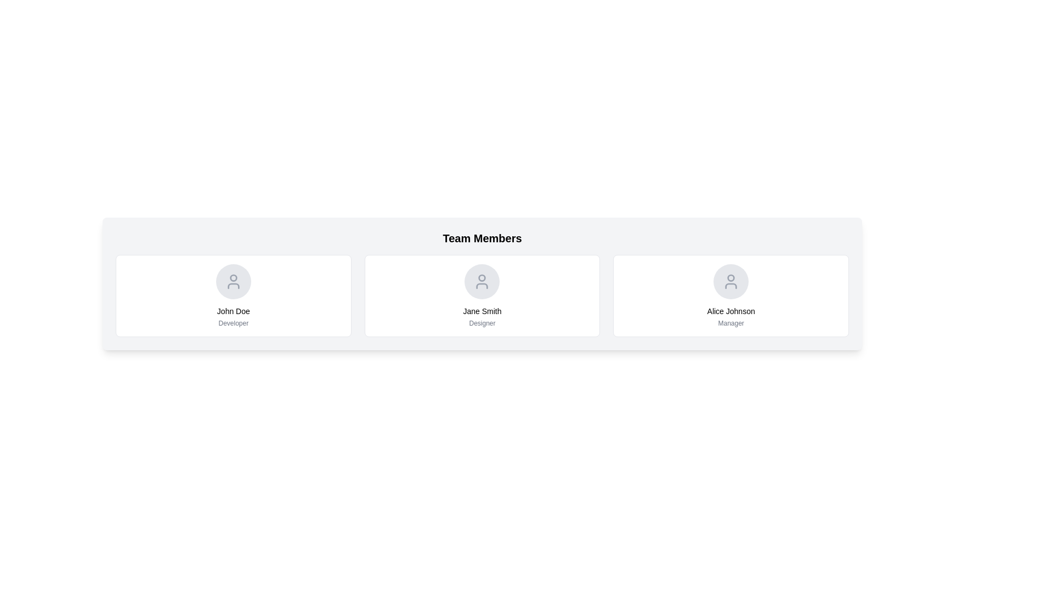  I want to click on the circular profile icon of 'John Doe' located in the first card of the 'Team Members' section, which is situated above the text 'John Doe' and 'Developer', so click(233, 277).